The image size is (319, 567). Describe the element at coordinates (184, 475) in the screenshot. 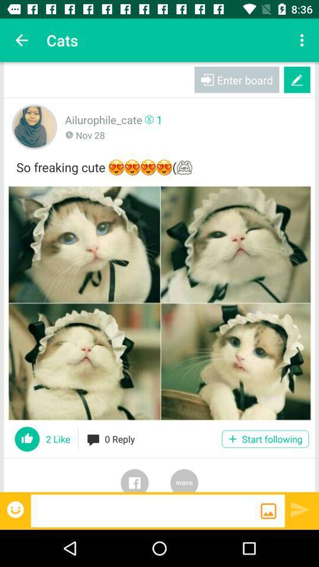

I see `see more` at that location.